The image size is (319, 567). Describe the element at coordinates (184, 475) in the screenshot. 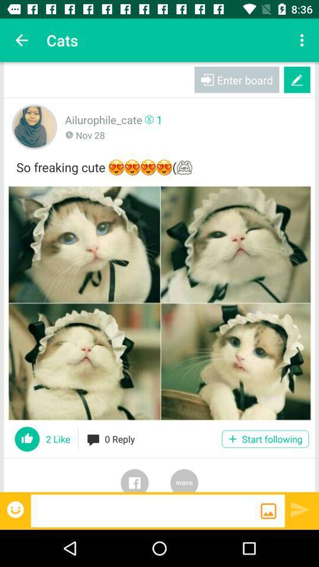

I see `see more` at that location.